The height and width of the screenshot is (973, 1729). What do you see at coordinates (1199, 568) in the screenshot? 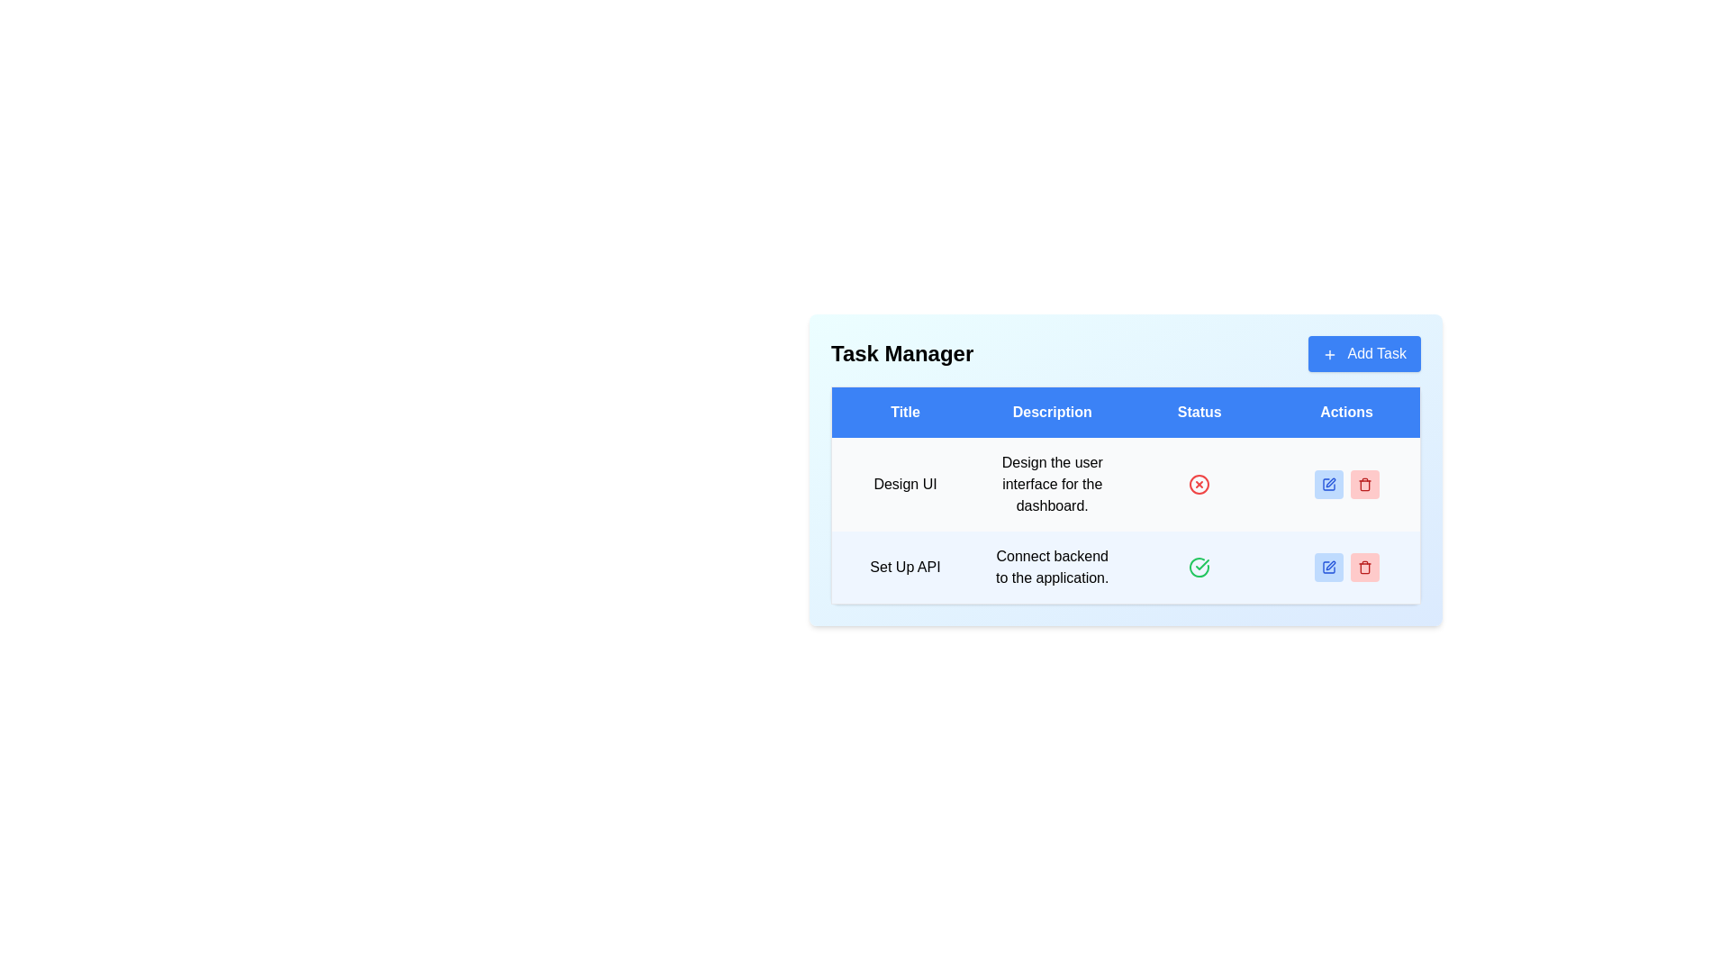
I see `the circular success indicator icon with a green border and tick mark located in the 'Status' column of the second row of the table` at bounding box center [1199, 568].